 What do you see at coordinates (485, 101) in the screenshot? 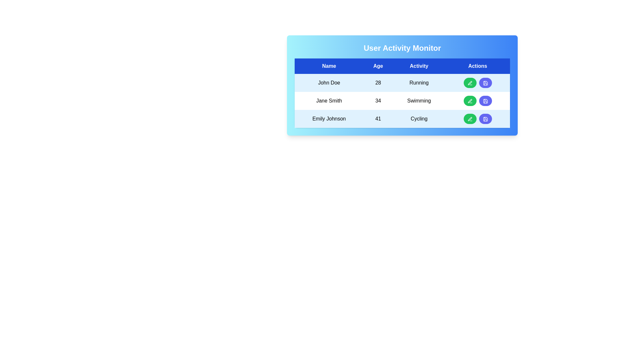
I see `the save button for the Jane Smith row` at bounding box center [485, 101].